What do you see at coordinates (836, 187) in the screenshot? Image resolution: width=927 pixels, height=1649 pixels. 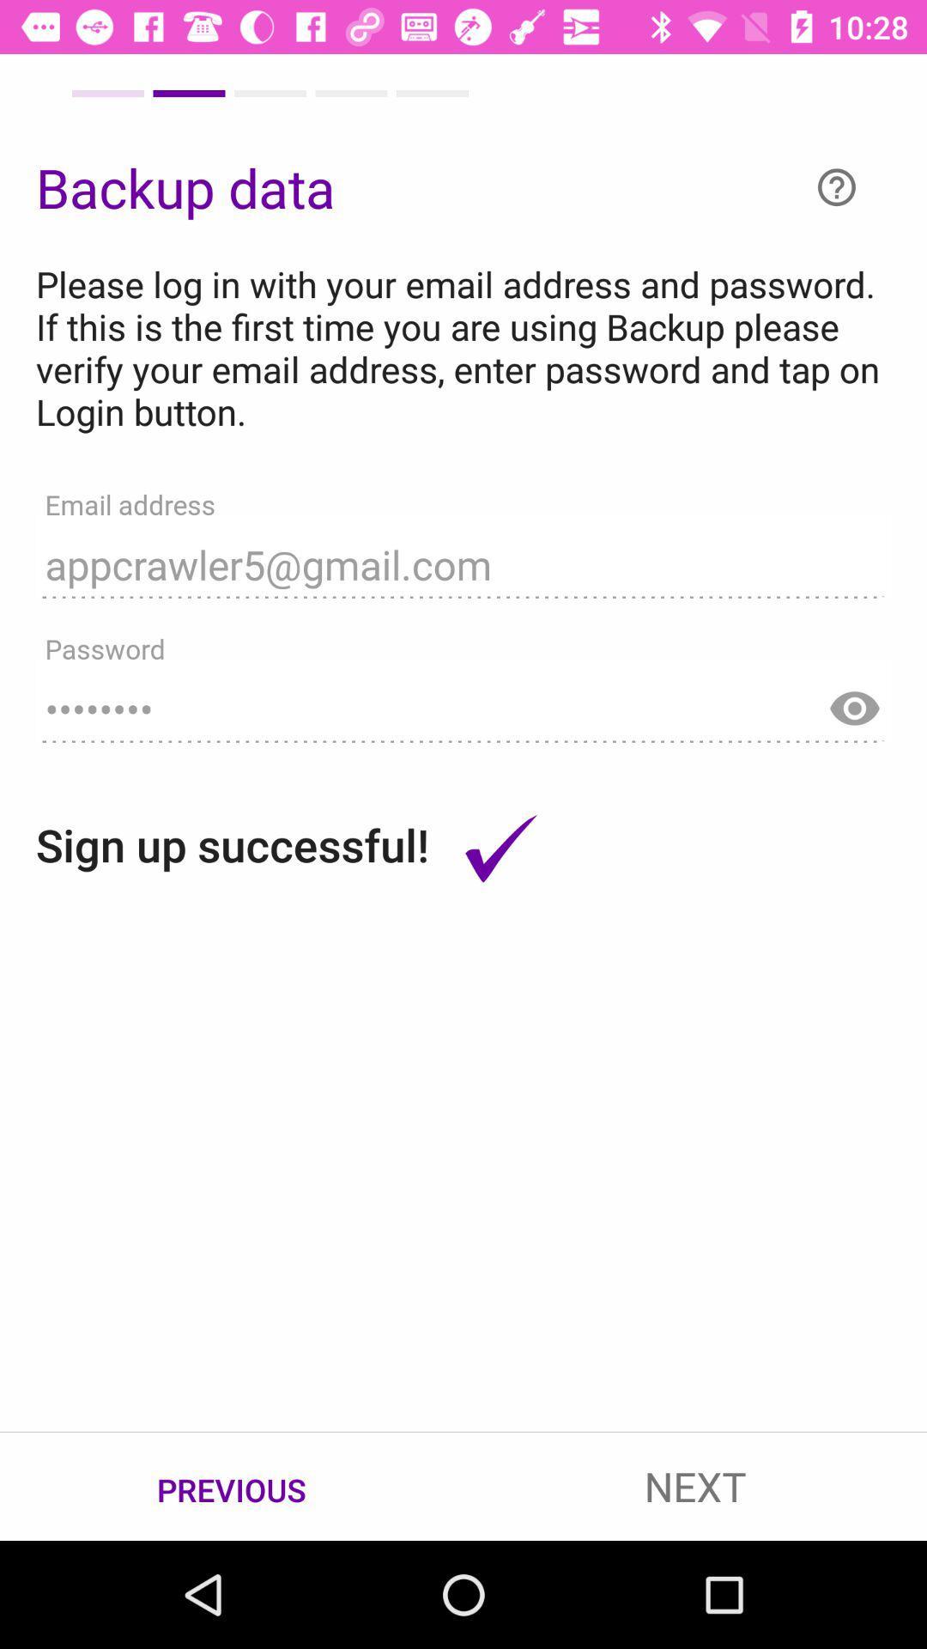 I see `question` at bounding box center [836, 187].